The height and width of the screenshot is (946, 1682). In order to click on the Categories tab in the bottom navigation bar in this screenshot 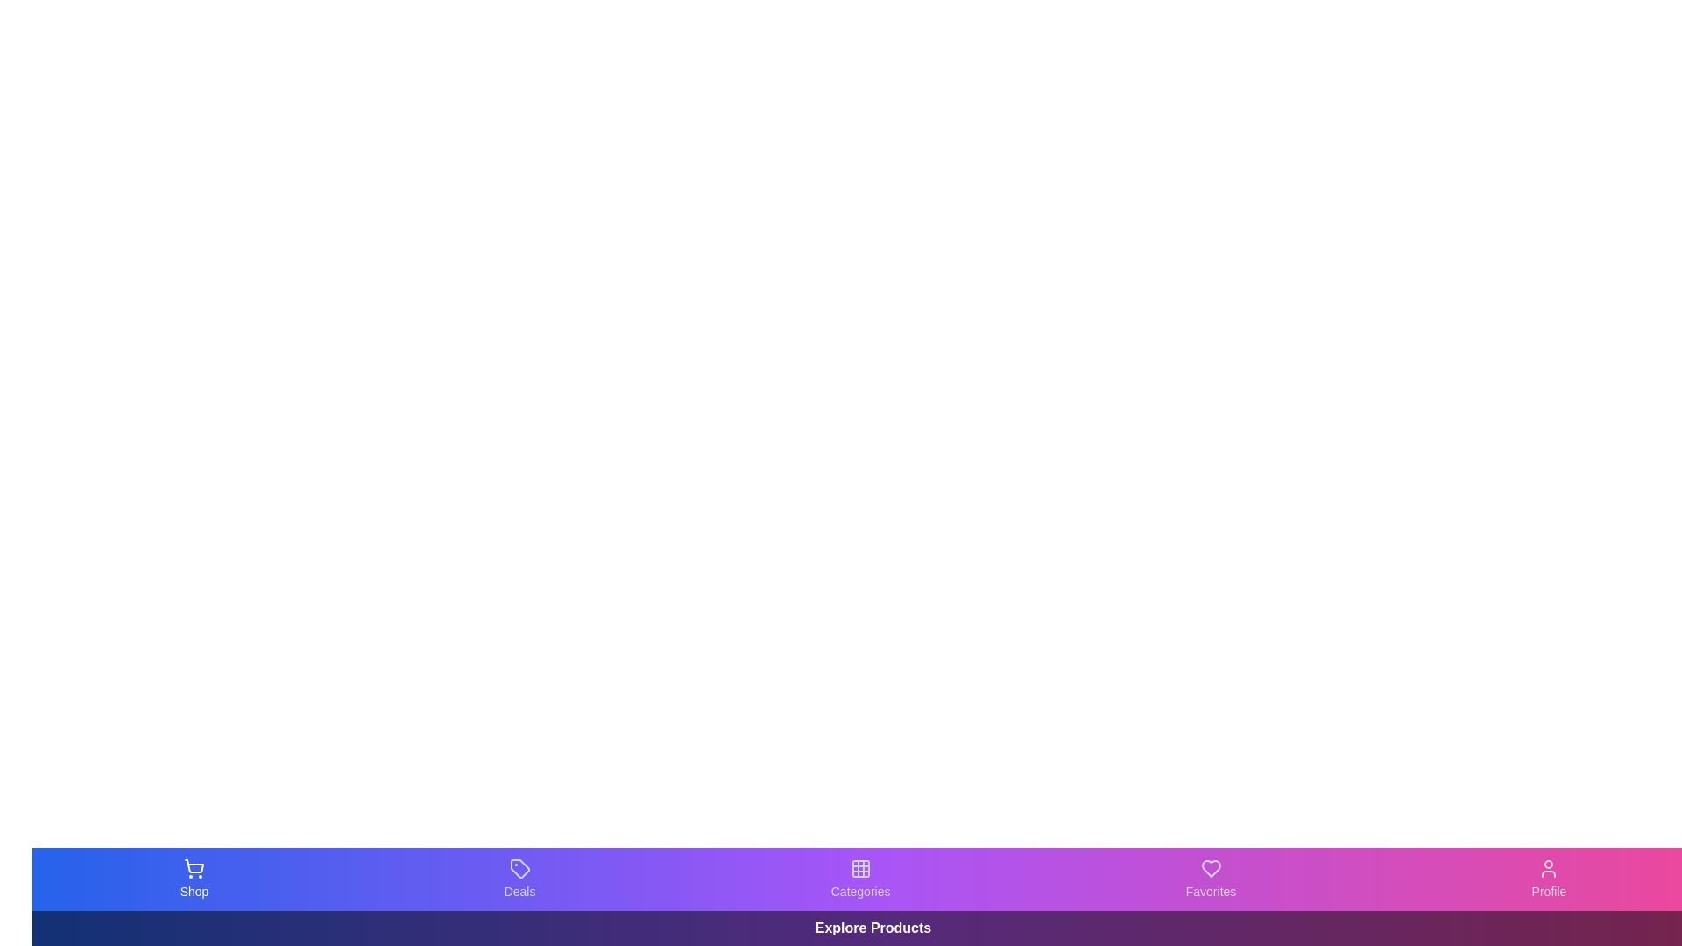, I will do `click(860, 879)`.